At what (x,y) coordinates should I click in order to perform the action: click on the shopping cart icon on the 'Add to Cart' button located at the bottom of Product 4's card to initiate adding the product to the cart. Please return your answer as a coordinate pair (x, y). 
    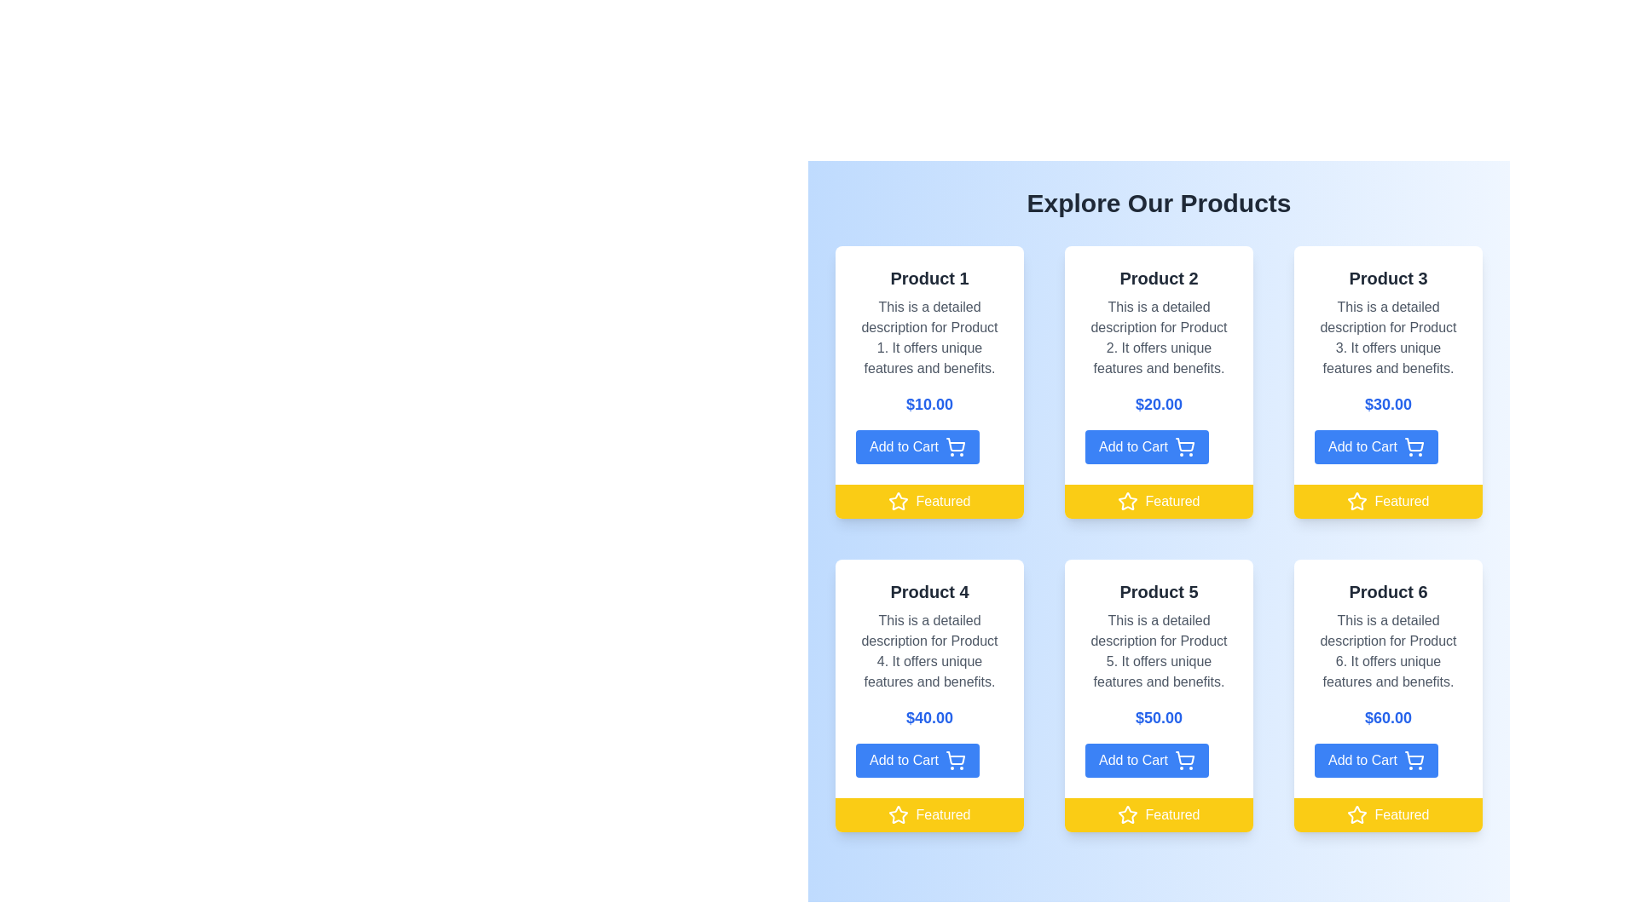
    Looking at the image, I should click on (956, 757).